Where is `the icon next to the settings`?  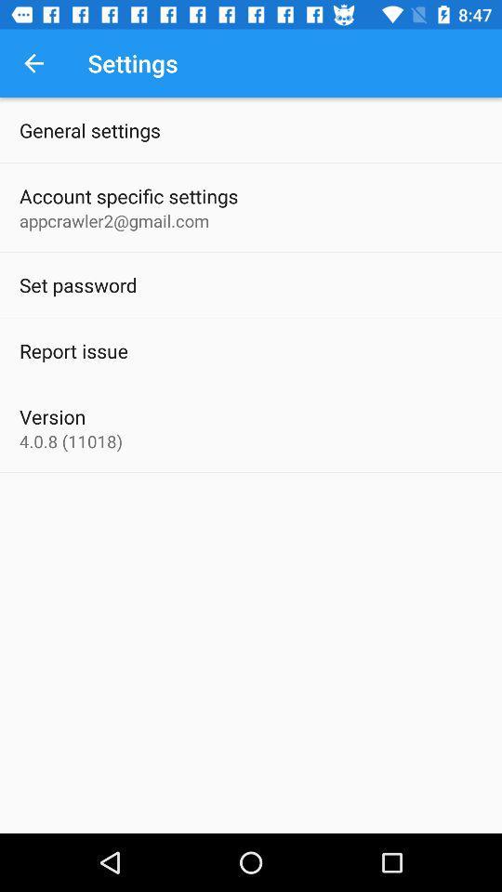 the icon next to the settings is located at coordinates (33, 63).